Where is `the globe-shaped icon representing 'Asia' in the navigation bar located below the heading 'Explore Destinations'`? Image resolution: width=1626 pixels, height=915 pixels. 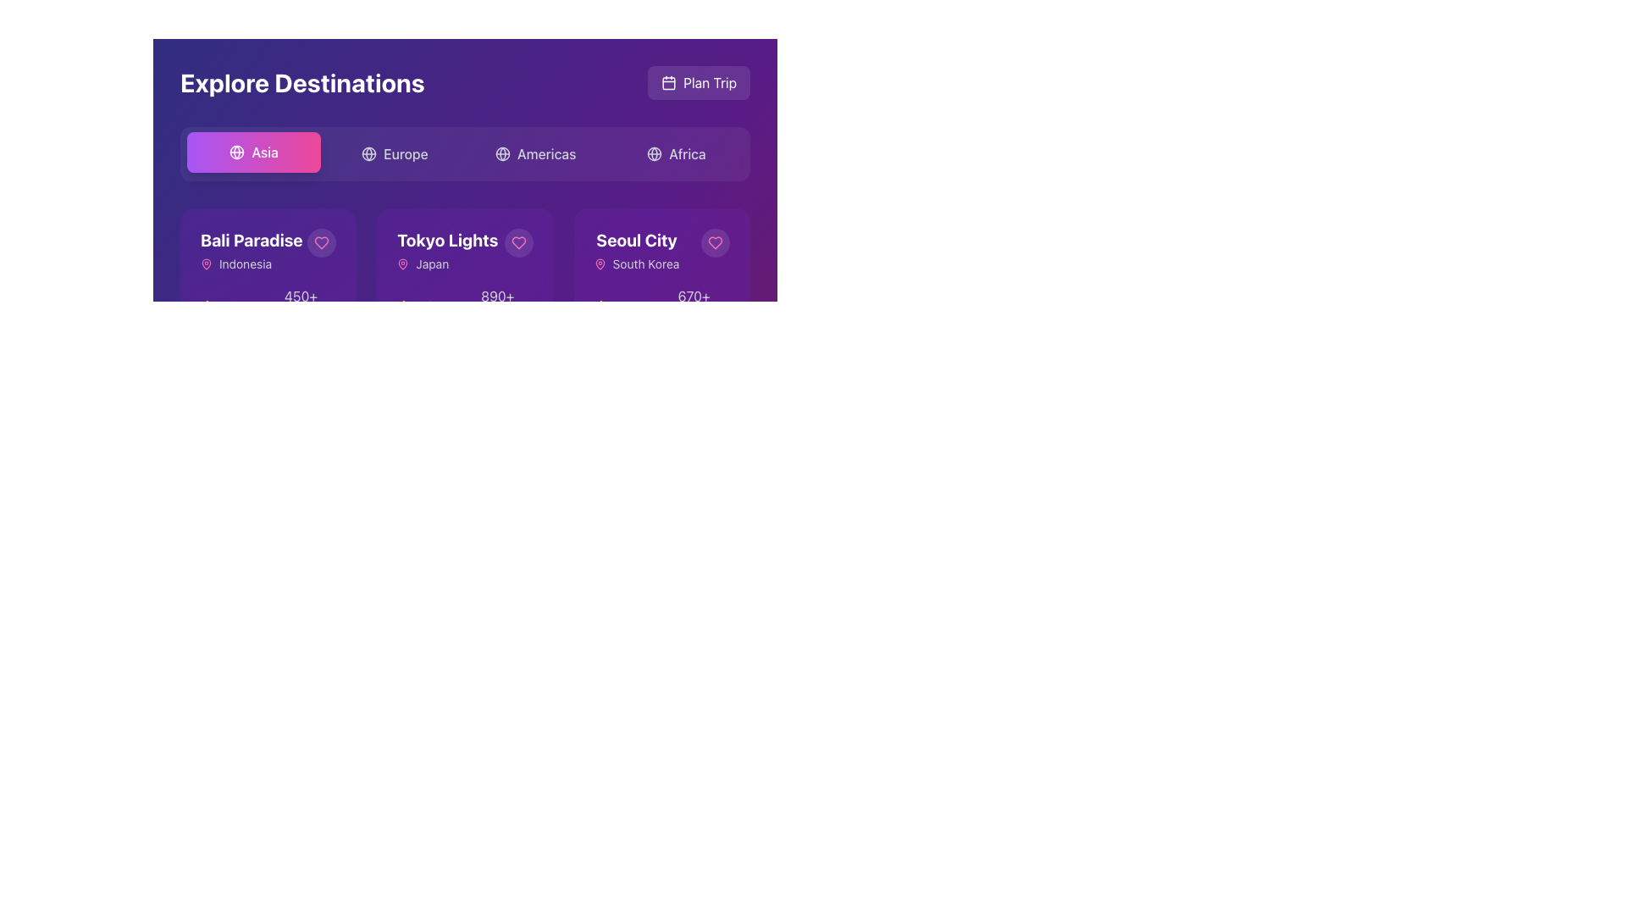 the globe-shaped icon representing 'Asia' in the navigation bar located below the heading 'Explore Destinations' is located at coordinates (236, 152).